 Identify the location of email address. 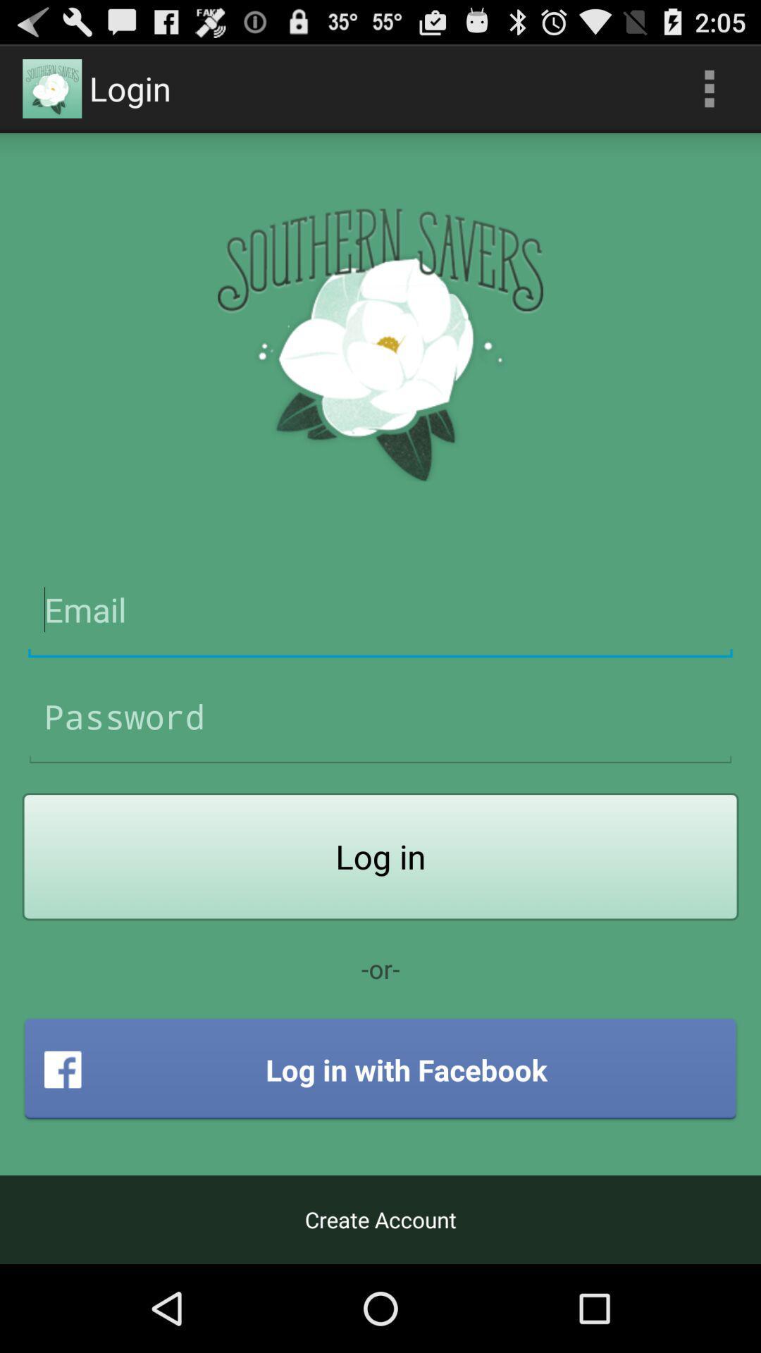
(380, 610).